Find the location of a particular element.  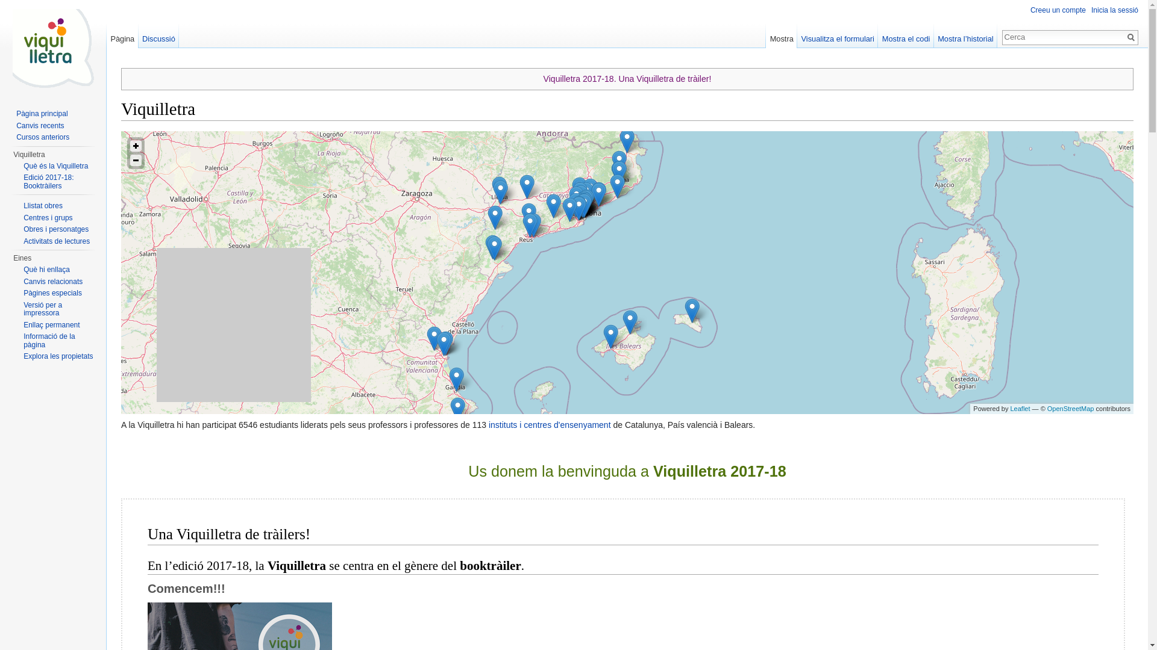

'Zoom in' is located at coordinates (136, 145).